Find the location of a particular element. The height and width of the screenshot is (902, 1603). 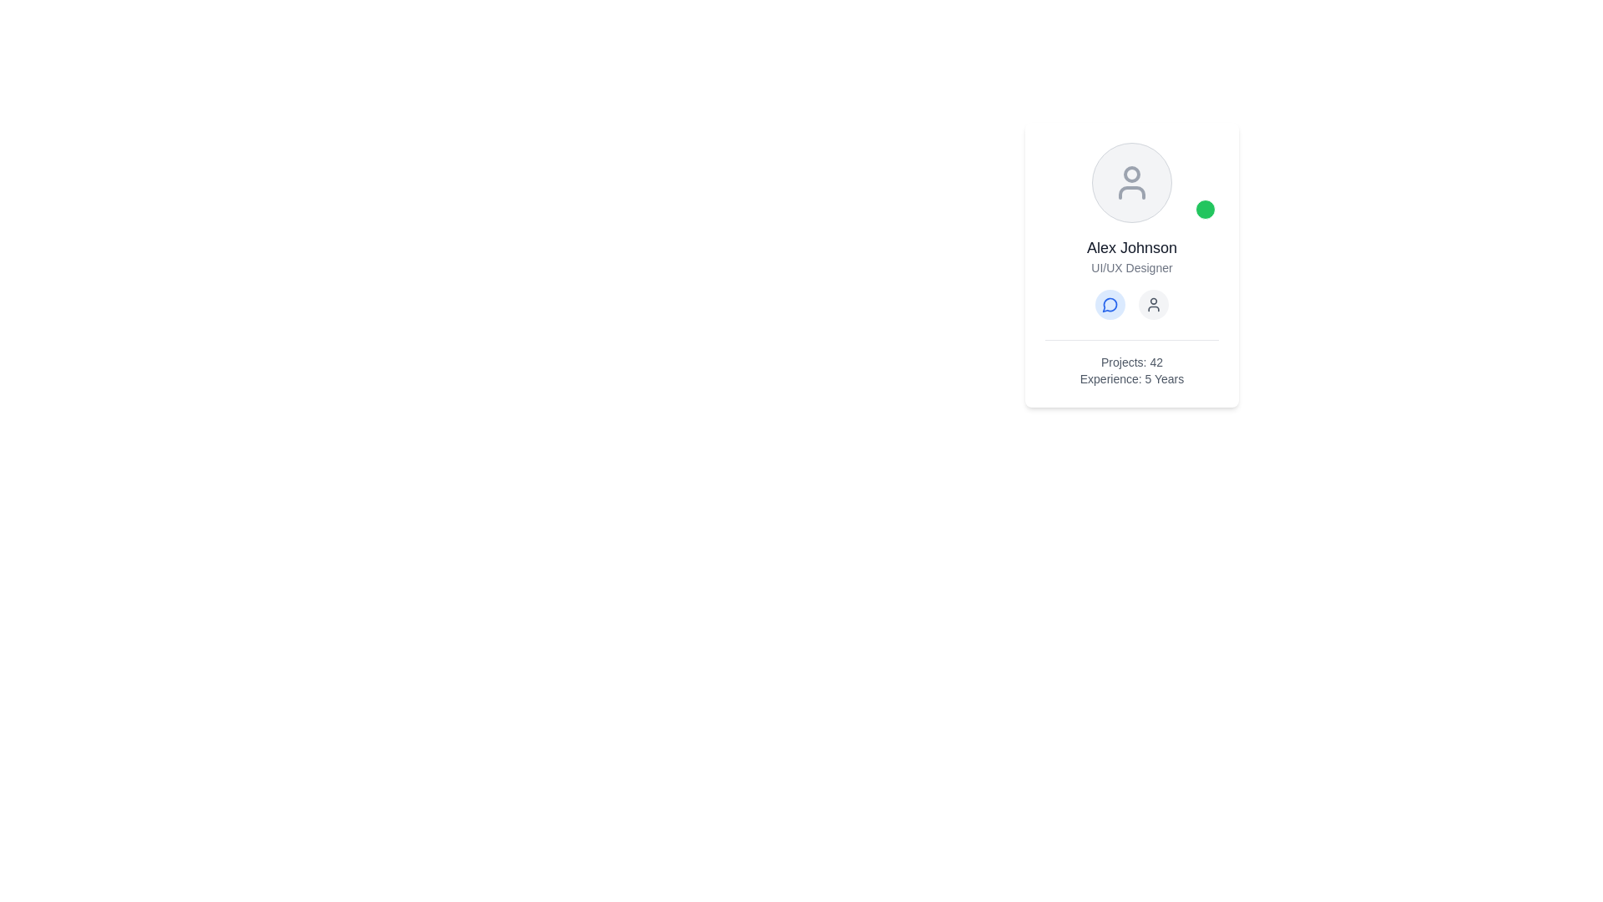

information displayed in the text label at the bottom of the profile card, which shows 'Projects: 42' and 'Experience: 5 Years' is located at coordinates (1132, 362).